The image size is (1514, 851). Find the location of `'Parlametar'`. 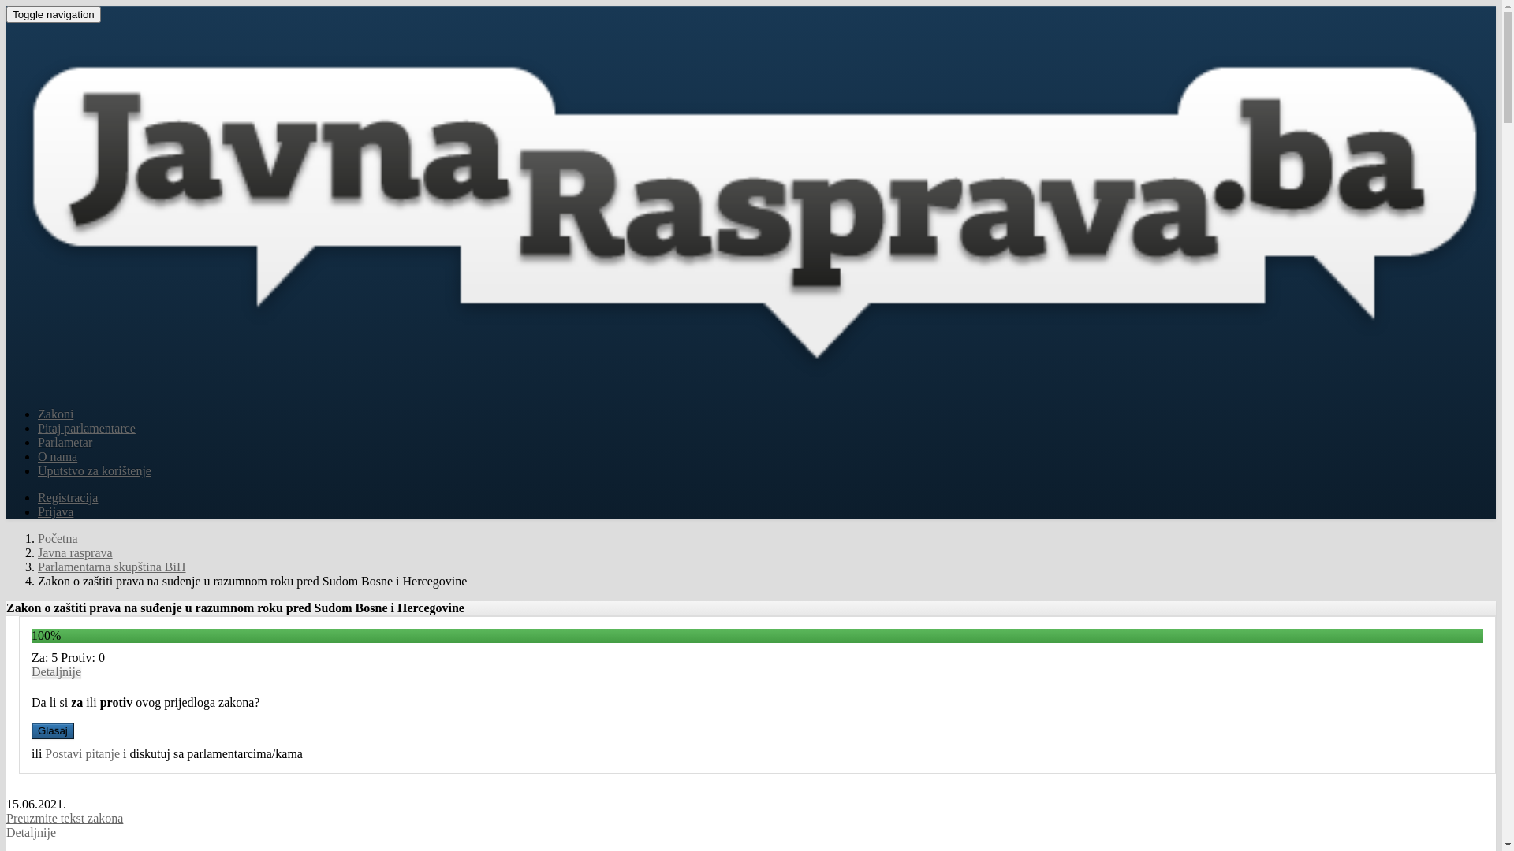

'Parlametar' is located at coordinates (64, 442).